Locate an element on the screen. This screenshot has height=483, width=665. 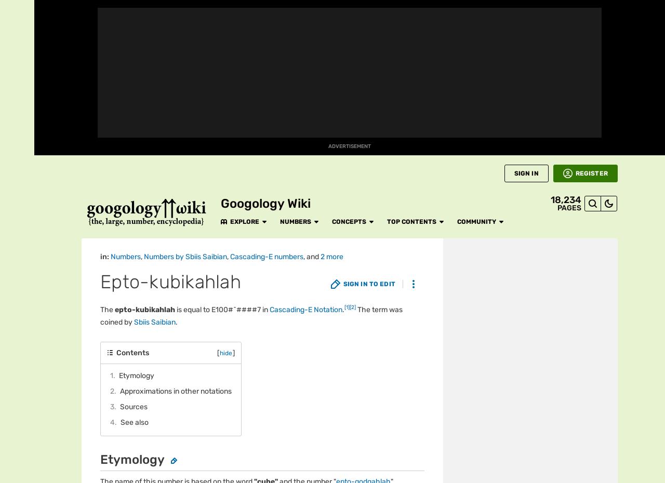
'Cascading-E' is located at coordinates (217, 71).